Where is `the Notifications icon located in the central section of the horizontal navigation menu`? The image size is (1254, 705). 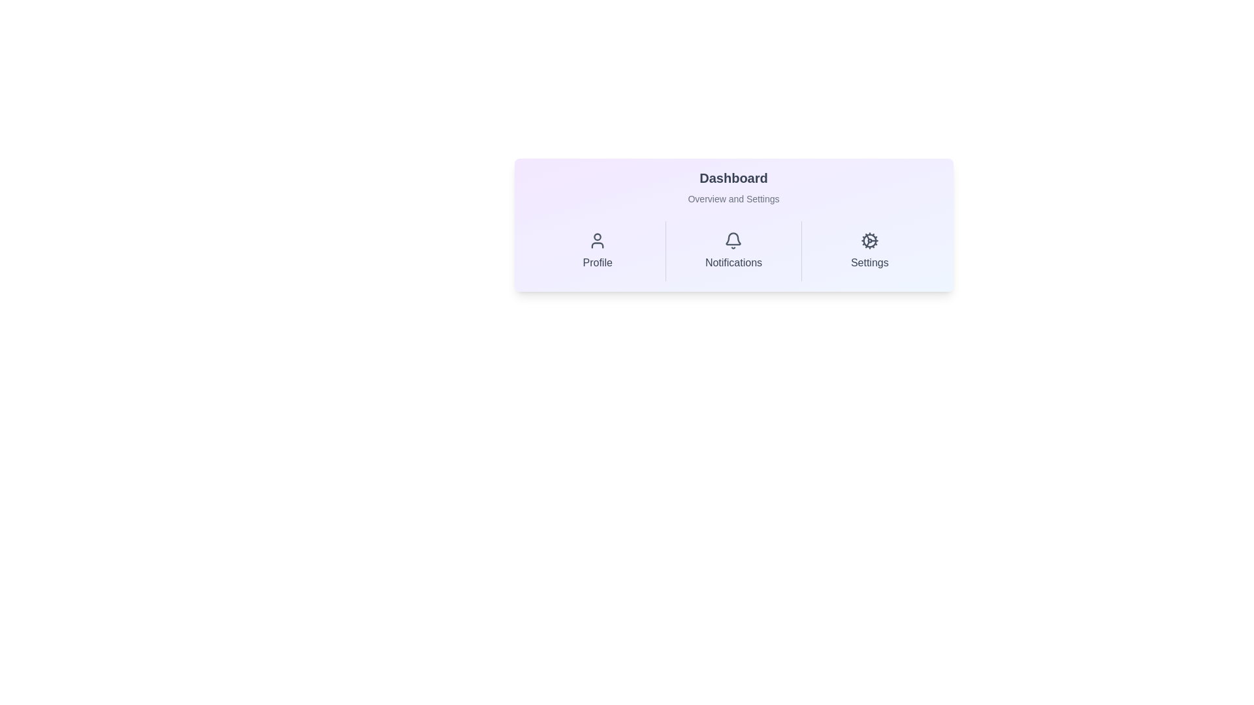
the Notifications icon located in the central section of the horizontal navigation menu is located at coordinates (733, 241).